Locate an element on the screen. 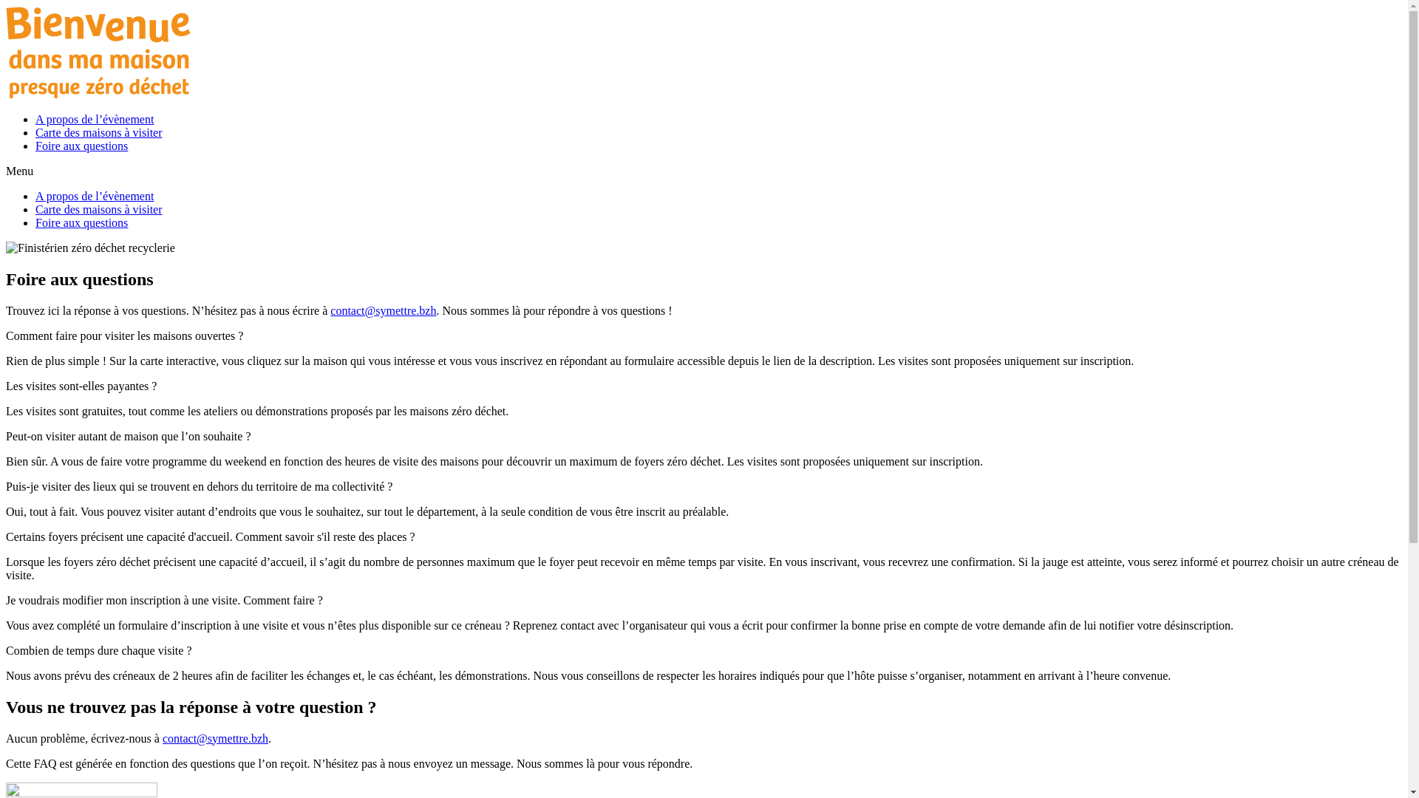  'Aller au contenu' is located at coordinates (5, 5).